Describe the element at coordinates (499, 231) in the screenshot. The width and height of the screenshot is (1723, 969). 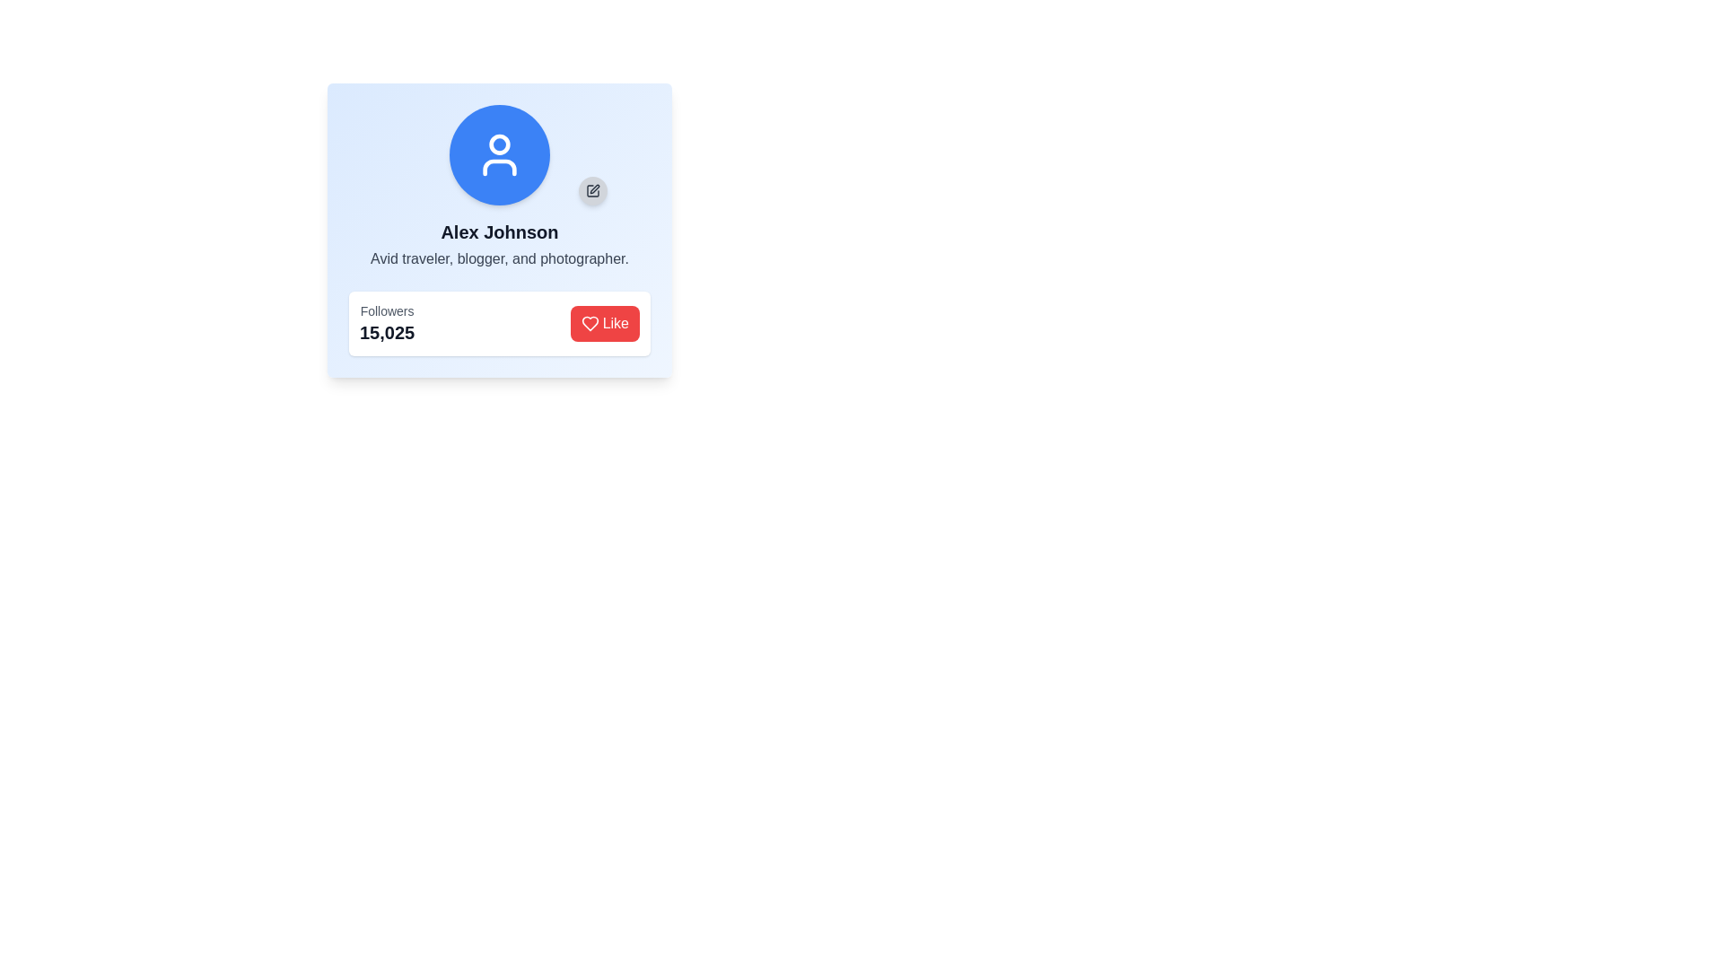
I see `text label displaying the name 'Alex Johnson' which is bold and centrally aligned against a light blue background` at that location.